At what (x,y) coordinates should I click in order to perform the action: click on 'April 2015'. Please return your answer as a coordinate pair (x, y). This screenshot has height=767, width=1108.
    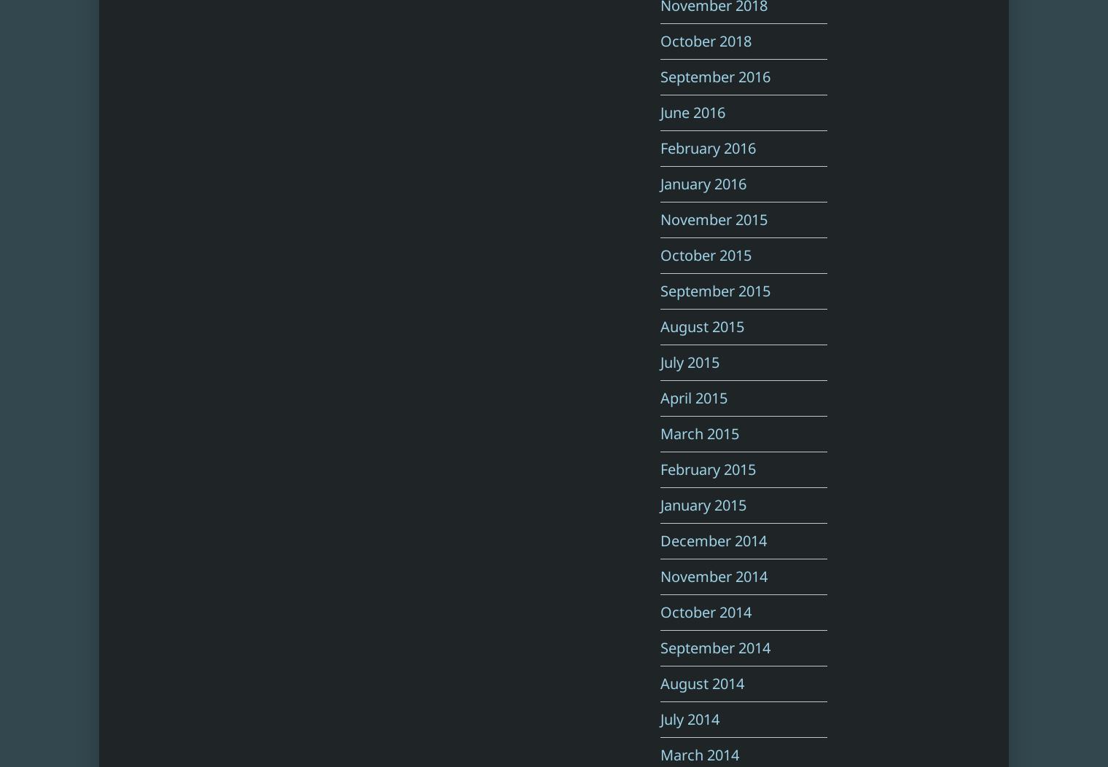
    Looking at the image, I should click on (692, 397).